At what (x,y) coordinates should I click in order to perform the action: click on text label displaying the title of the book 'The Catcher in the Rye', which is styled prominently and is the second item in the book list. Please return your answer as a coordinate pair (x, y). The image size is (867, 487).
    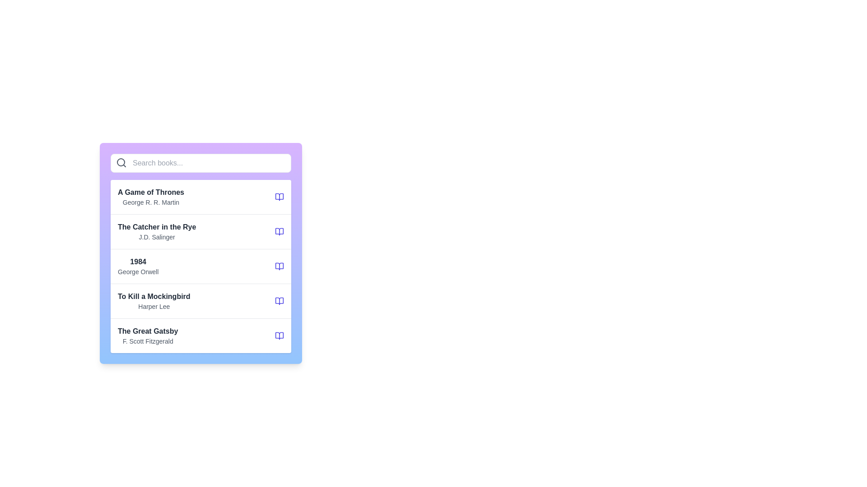
    Looking at the image, I should click on (157, 227).